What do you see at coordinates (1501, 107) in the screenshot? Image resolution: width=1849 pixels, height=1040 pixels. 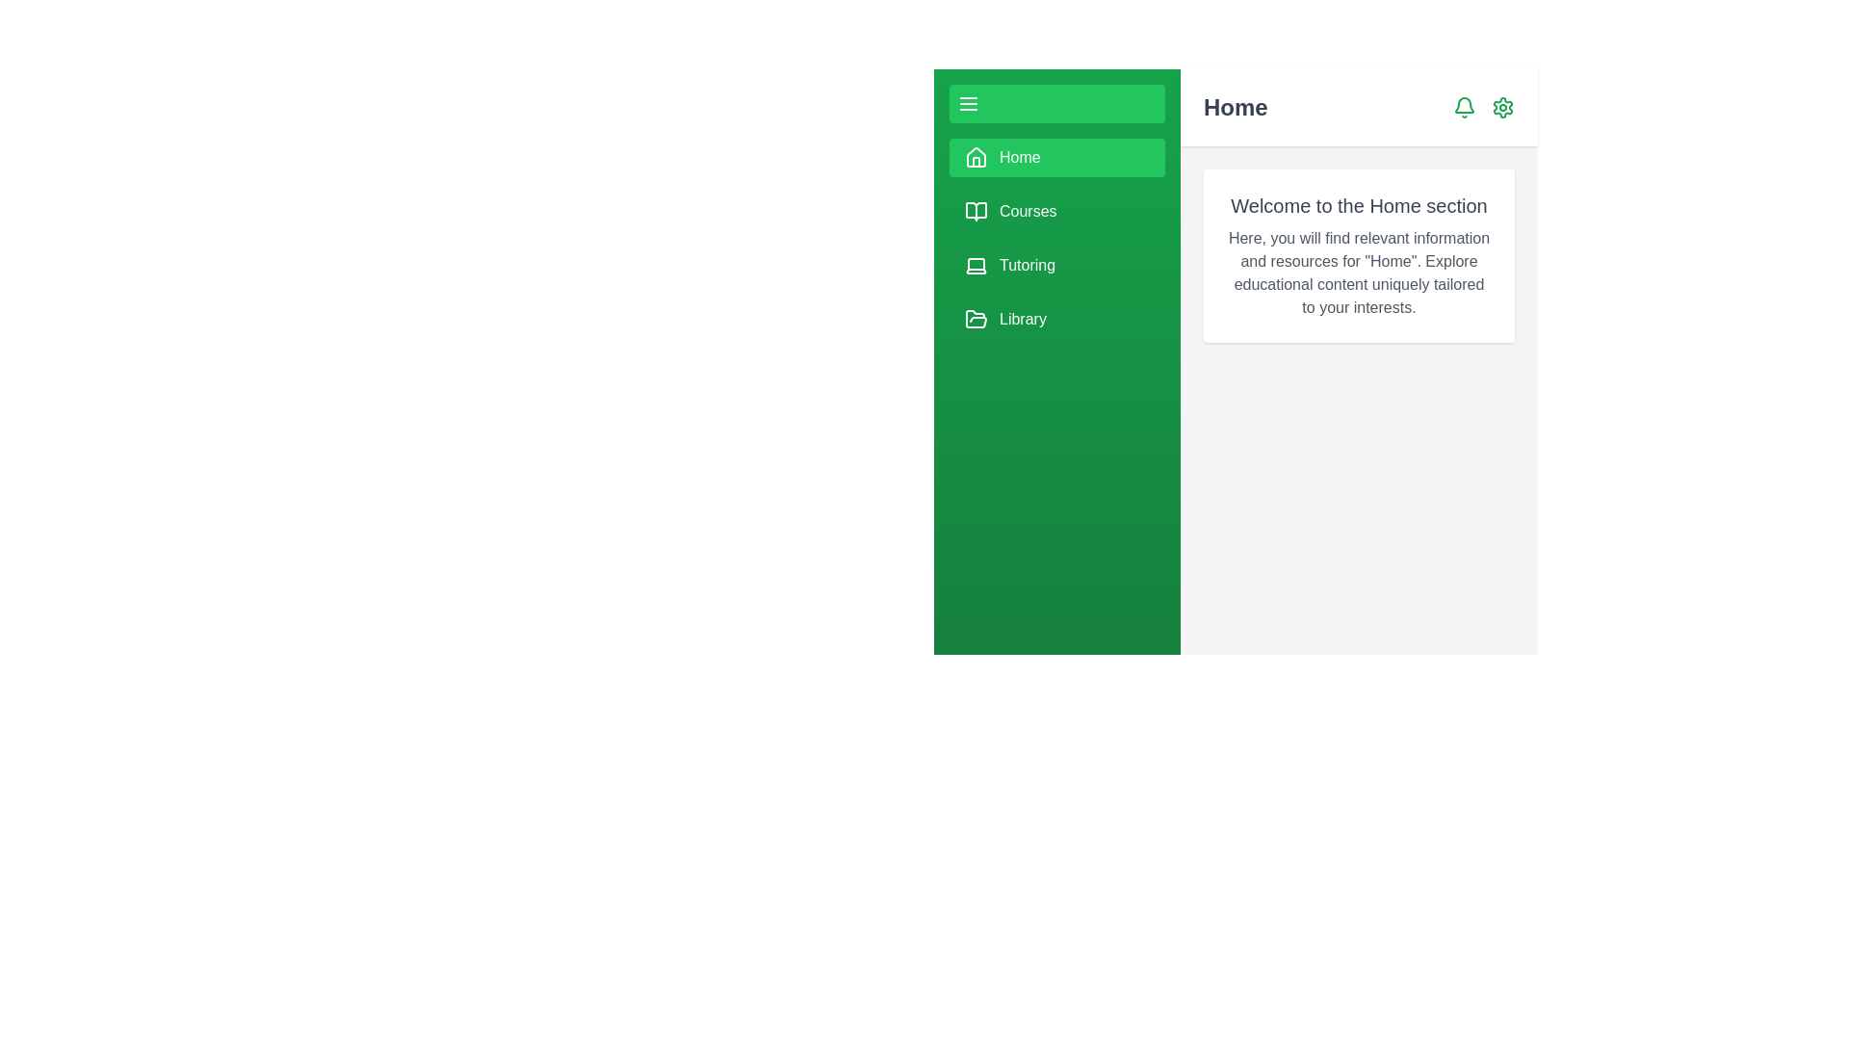 I see `the green cogwheel icon located in the top-right corner, adjacent to the bell icon` at bounding box center [1501, 107].